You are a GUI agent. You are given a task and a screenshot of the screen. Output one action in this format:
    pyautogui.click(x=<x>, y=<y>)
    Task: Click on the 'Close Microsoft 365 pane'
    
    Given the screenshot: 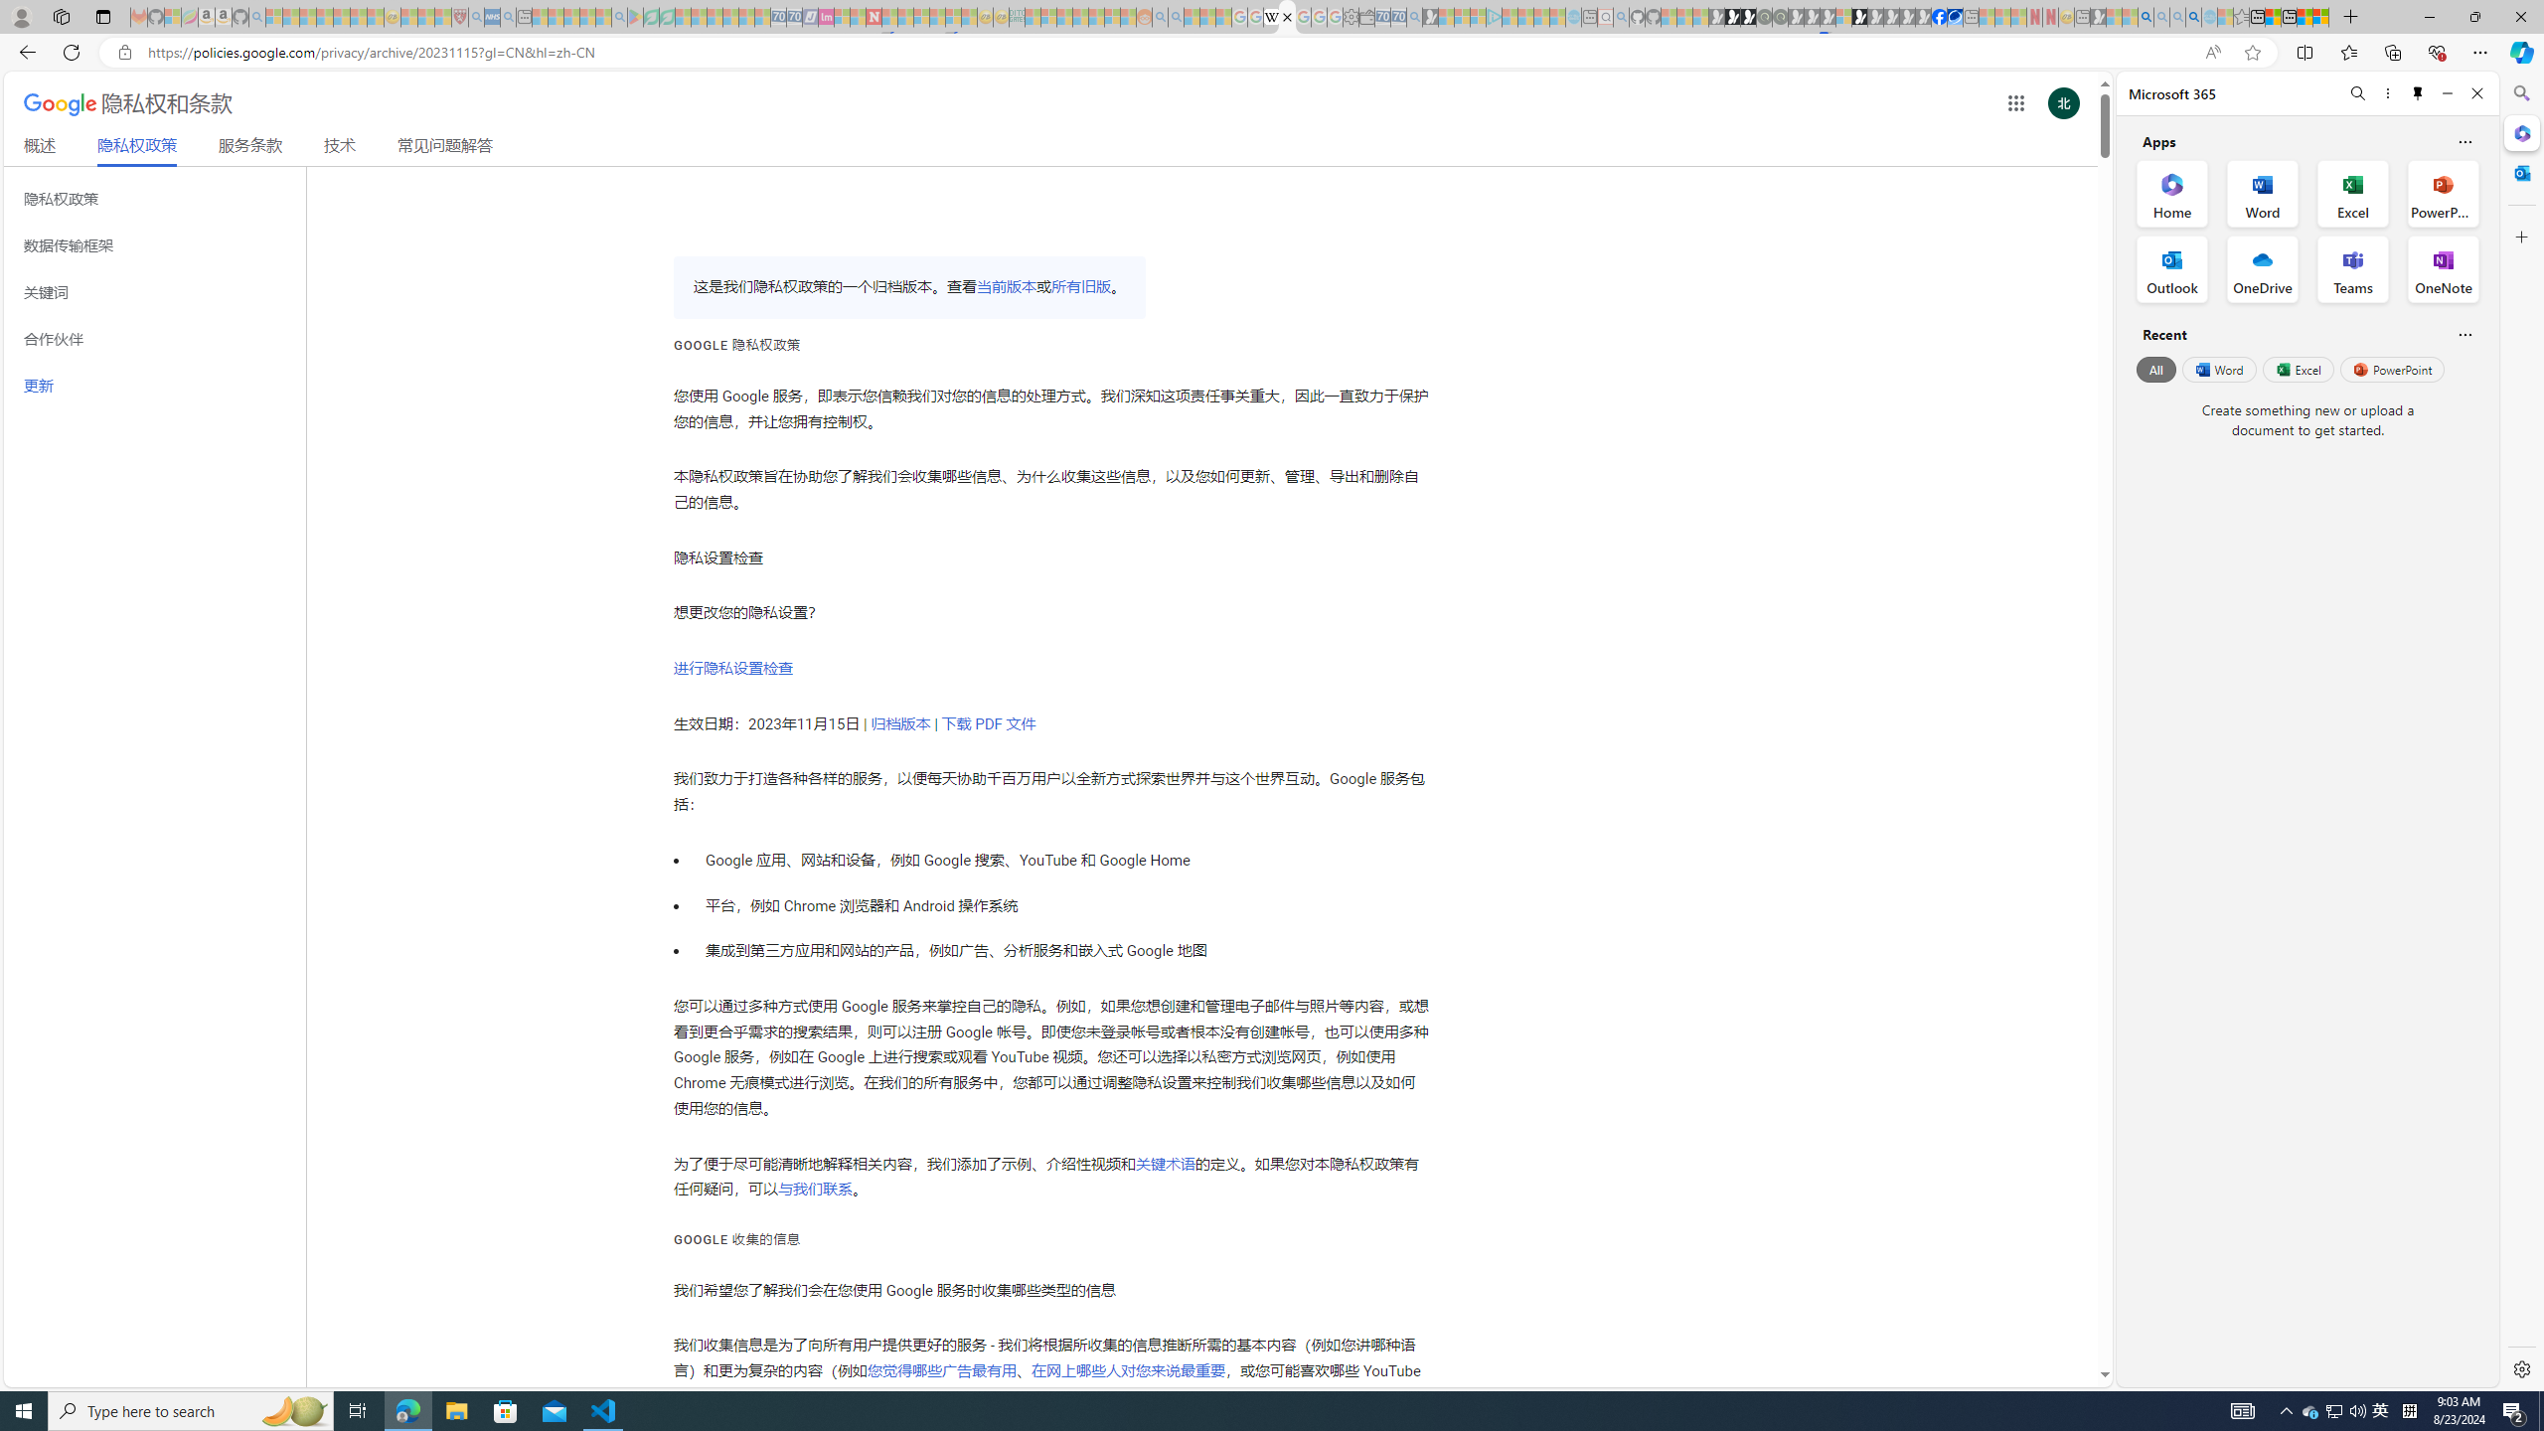 What is the action you would take?
    pyautogui.click(x=2519, y=133)
    